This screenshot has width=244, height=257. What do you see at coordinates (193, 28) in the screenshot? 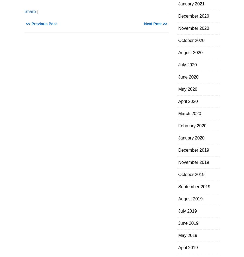
I see `'November 2020'` at bounding box center [193, 28].